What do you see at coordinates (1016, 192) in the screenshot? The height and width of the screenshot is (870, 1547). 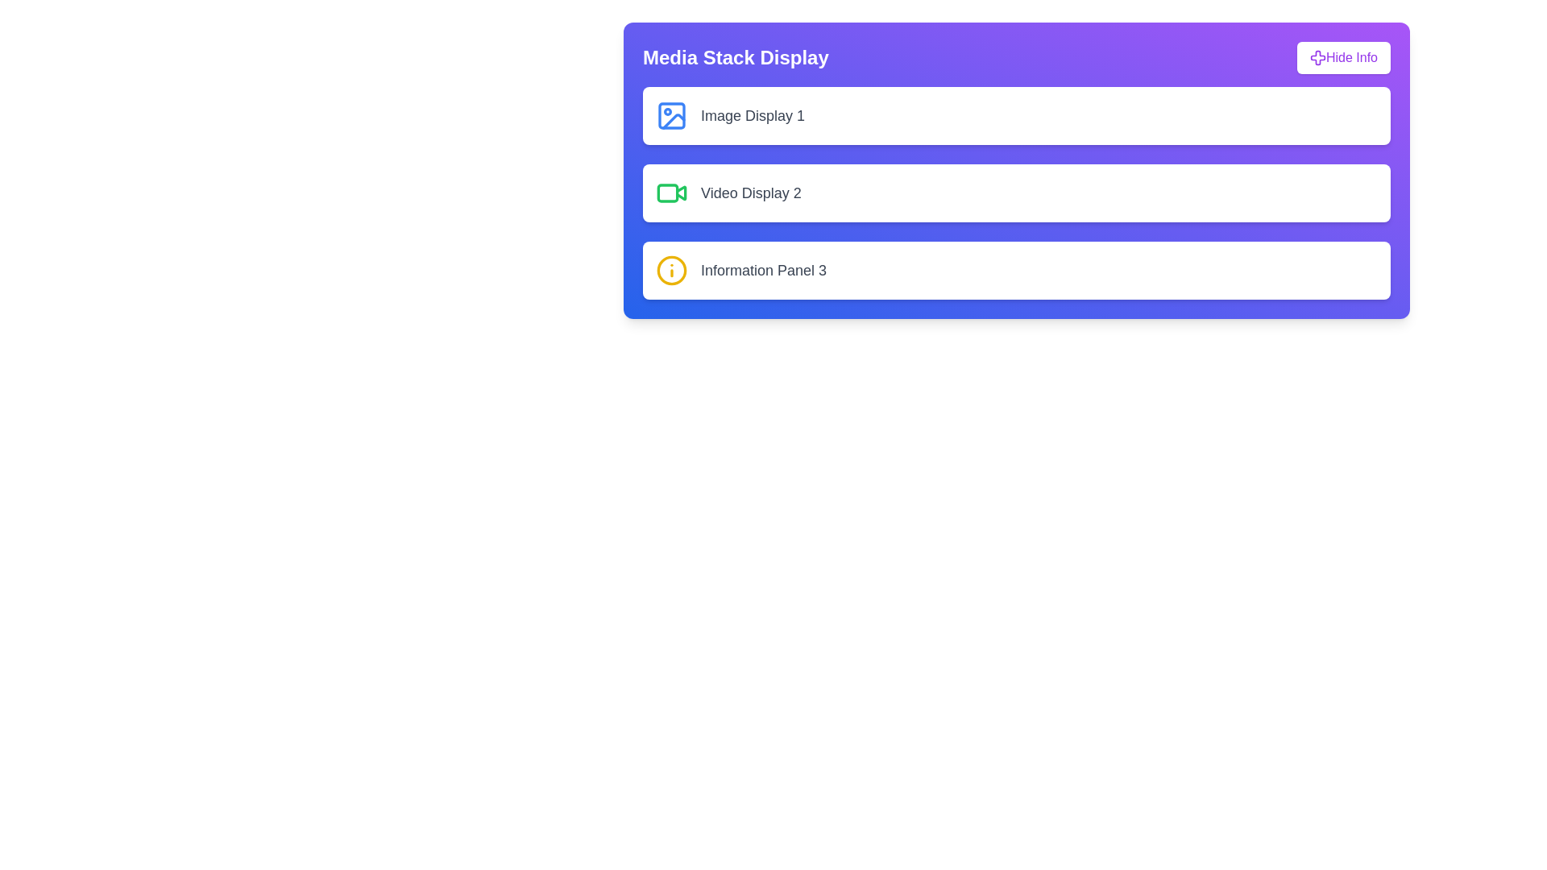 I see `the second panel labeled 'Media Stack Display'` at bounding box center [1016, 192].